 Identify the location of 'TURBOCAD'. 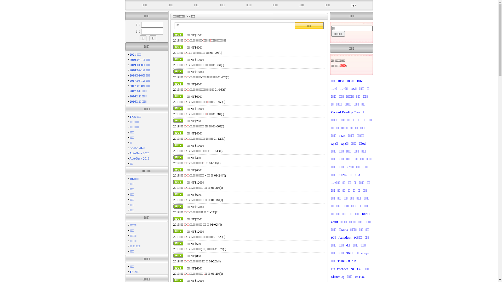
(347, 261).